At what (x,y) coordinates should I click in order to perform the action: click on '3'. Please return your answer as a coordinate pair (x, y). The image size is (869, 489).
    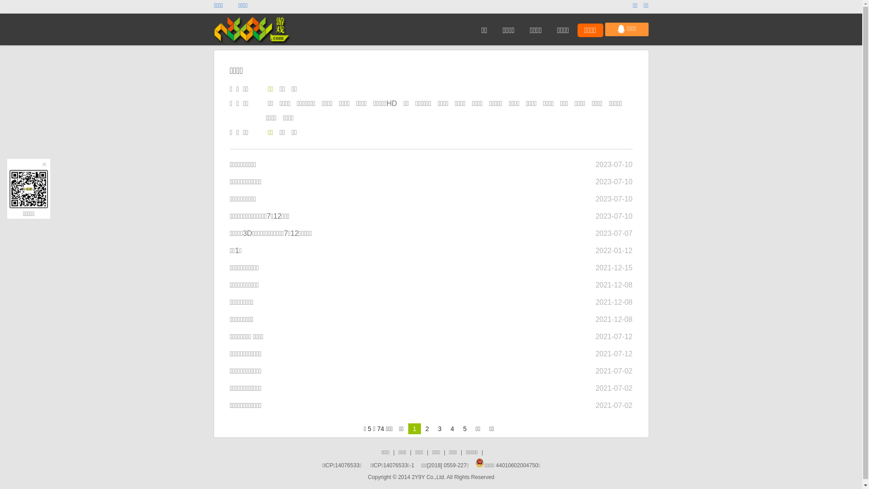
    Looking at the image, I should click on (439, 428).